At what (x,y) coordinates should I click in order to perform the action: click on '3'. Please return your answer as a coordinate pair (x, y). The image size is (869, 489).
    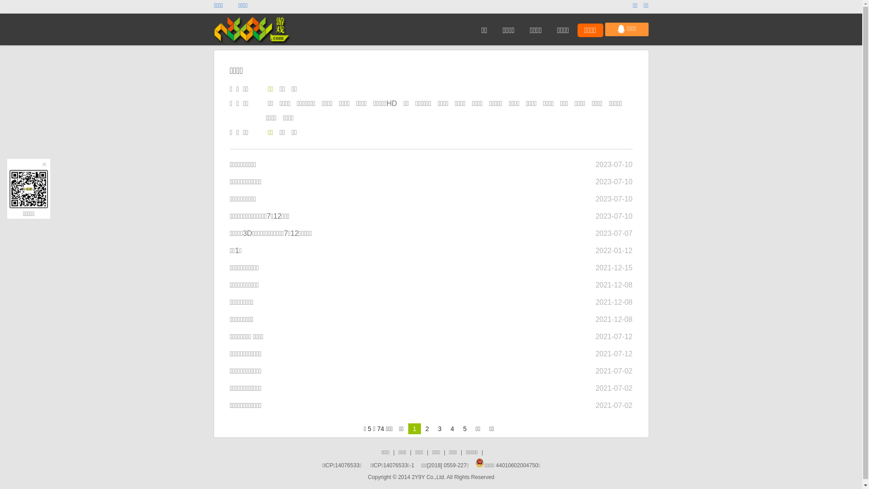
    Looking at the image, I should click on (439, 428).